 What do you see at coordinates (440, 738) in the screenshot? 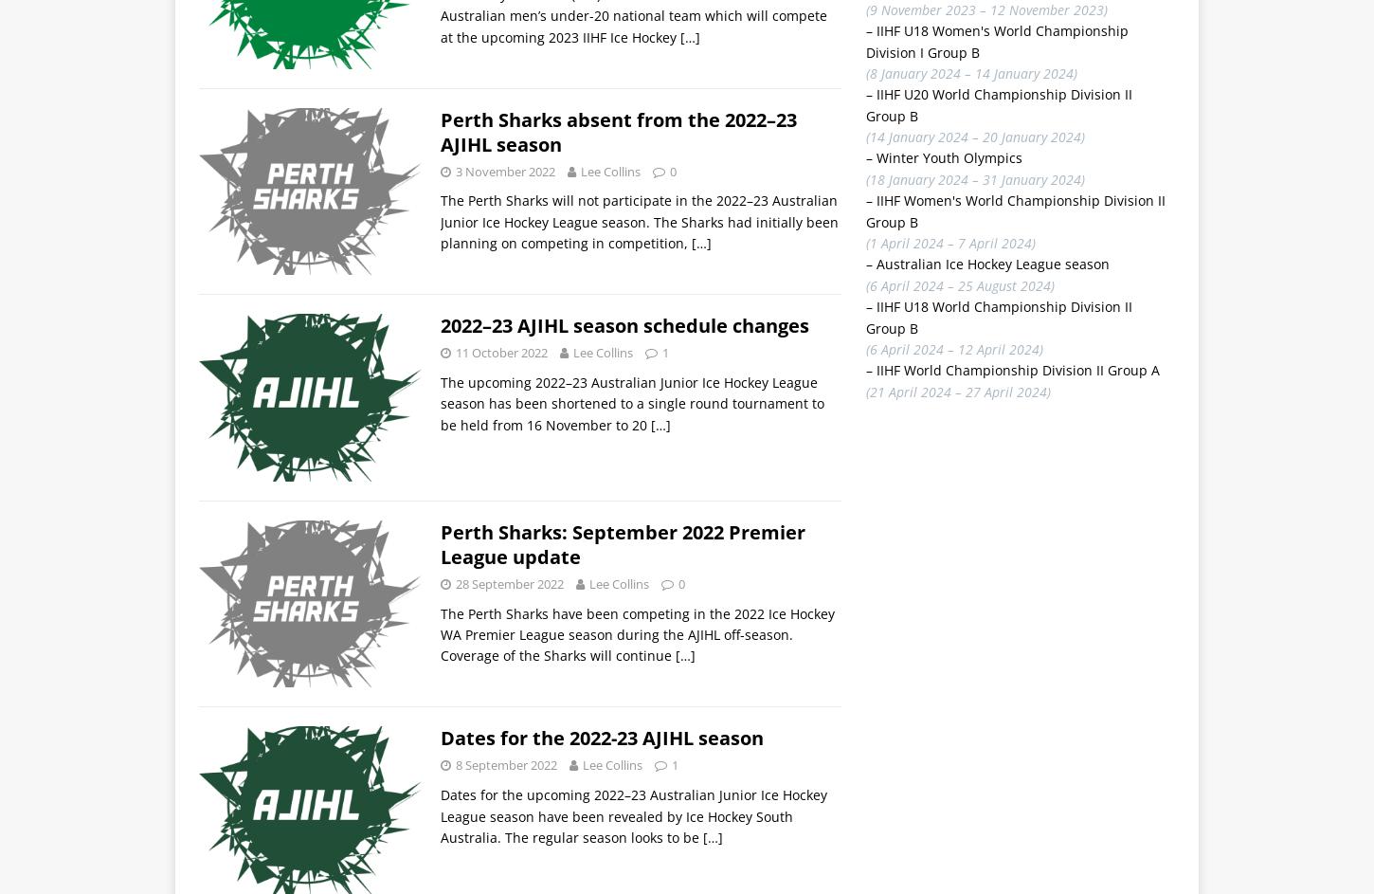
I see `'Dates for the 2022-23 AJIHL season'` at bounding box center [440, 738].